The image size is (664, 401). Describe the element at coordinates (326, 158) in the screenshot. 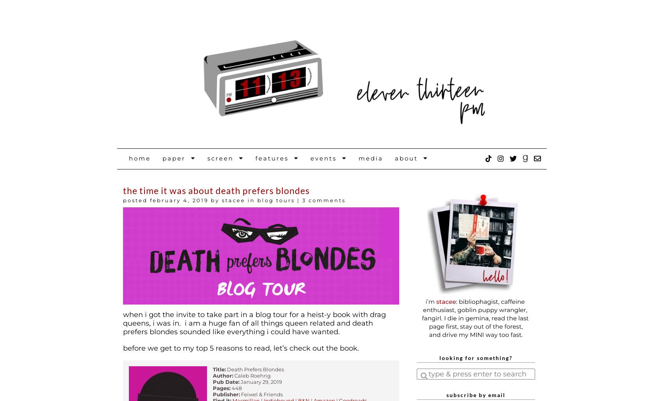

I see `'Events'` at that location.